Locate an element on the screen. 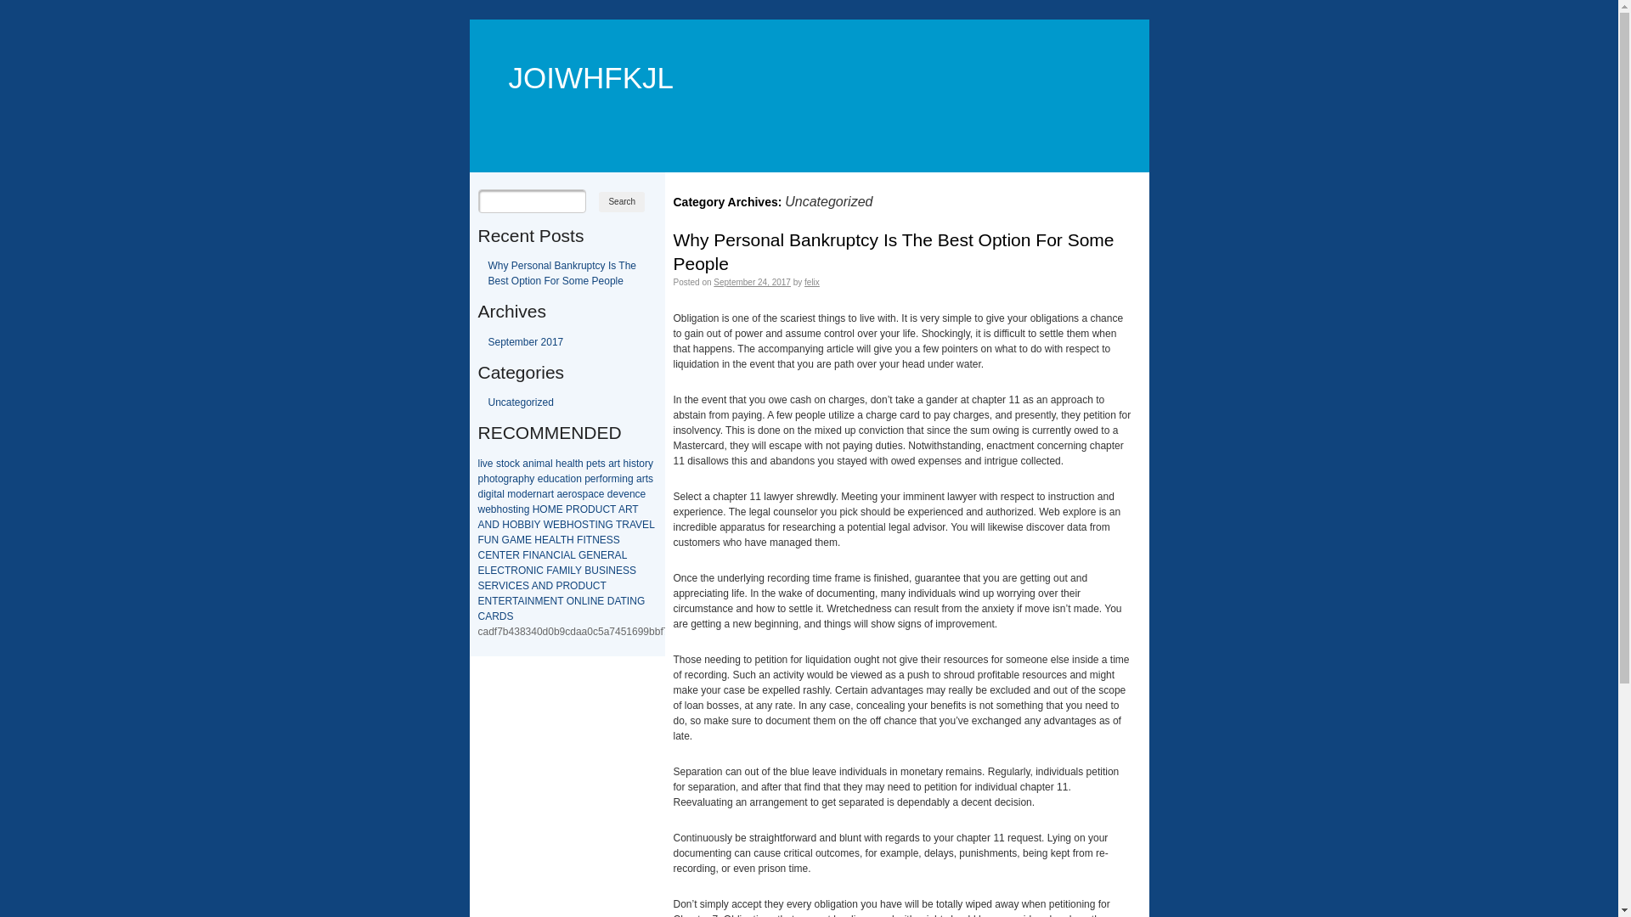 The width and height of the screenshot is (1631, 917). 'a' is located at coordinates (562, 478).